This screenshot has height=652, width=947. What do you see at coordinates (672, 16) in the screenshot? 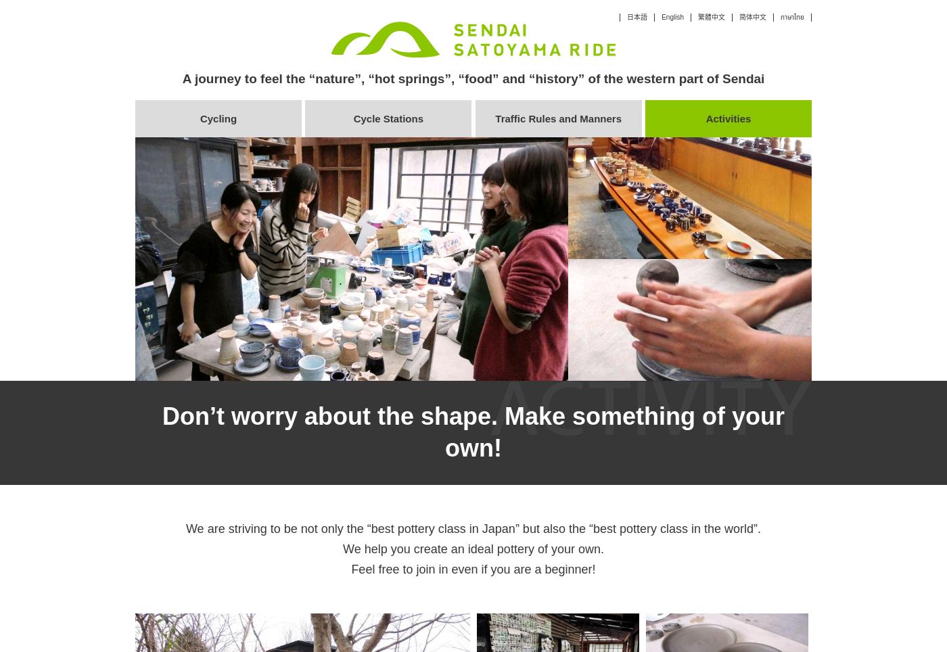
I see `'English'` at bounding box center [672, 16].